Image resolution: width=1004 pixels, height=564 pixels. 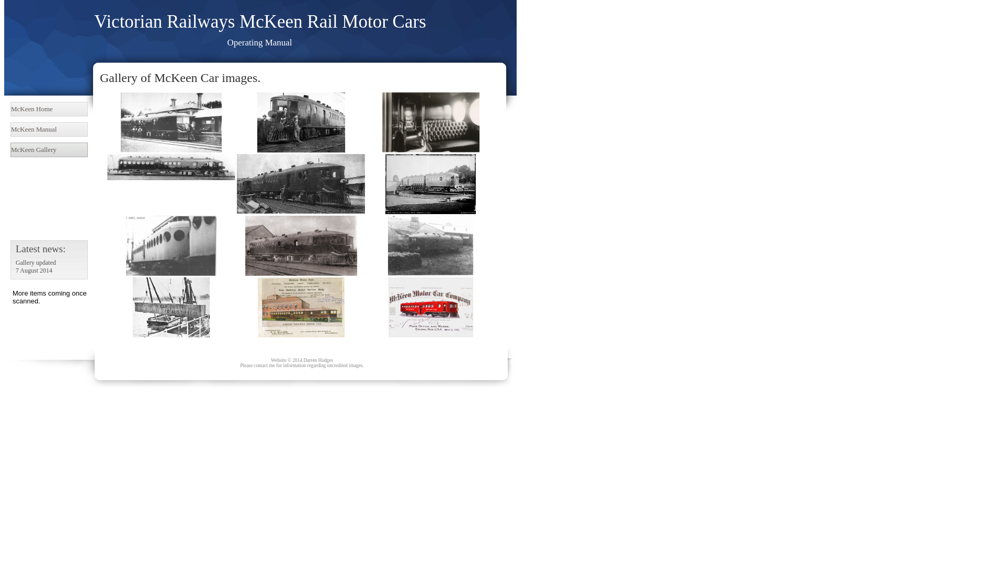 I want to click on 'McKeen Motor Car Company letterhead. Courtesy Bruce Payne', so click(x=430, y=307).